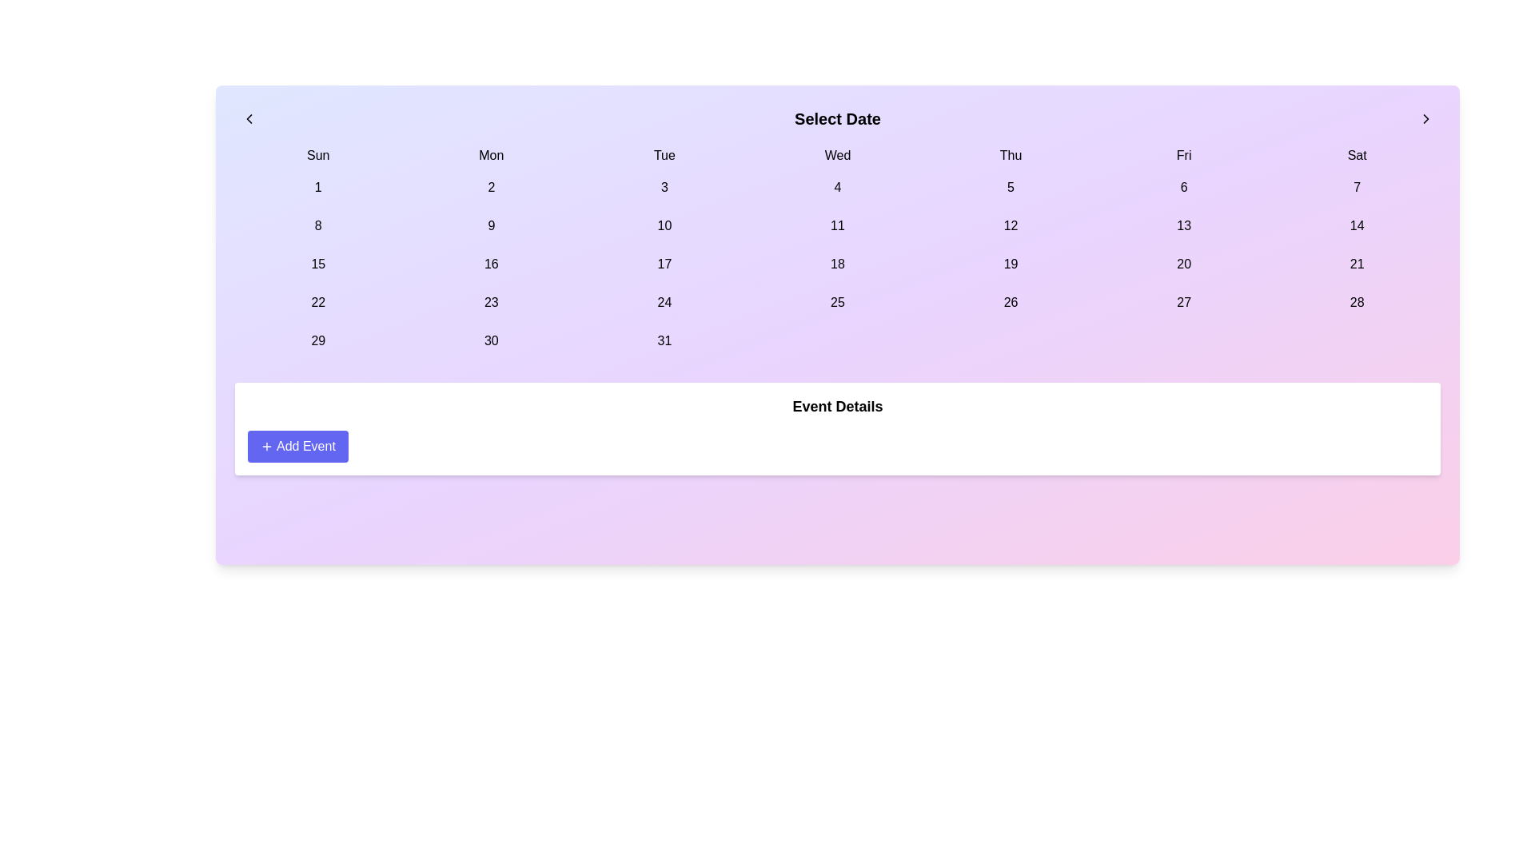 Image resolution: width=1535 pixels, height=863 pixels. What do you see at coordinates (490, 225) in the screenshot?
I see `the interactive date selector button for the date '9' located in the second column of the third row of the calendar grid under the 'Select Date' header` at bounding box center [490, 225].